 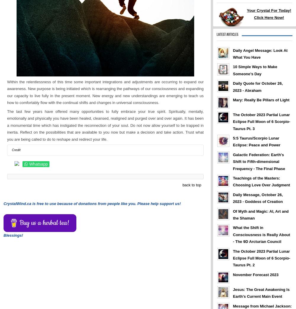 I want to click on 'Within the relentlessness of this time some important integrations and adjustments are occurring to expand our awareness. New purpose is being initiated which is rearranging the pathways of our consciousness and expanding our capacity to live fully in the present moment. New energy and new understandings are emerging to teach us how to comfortably flow with the continual shifts and changes in universal consciousness.', so click(x=7, y=92).